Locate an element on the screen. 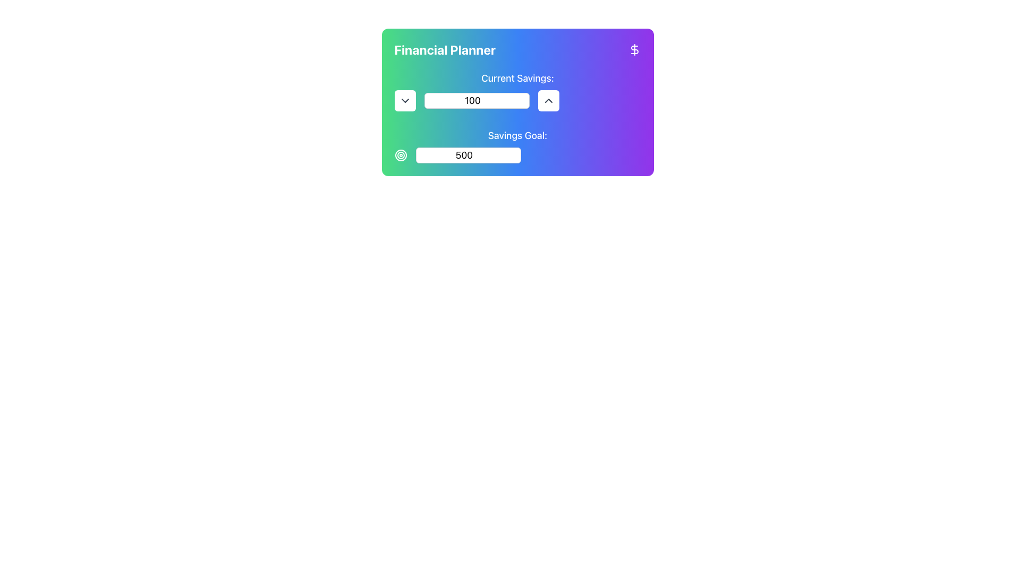  the 'Financial Planner' text, which is displayed in white, bold, and large font against a gradient background, located at the top-left of a rectangular card interface is located at coordinates (445, 49).